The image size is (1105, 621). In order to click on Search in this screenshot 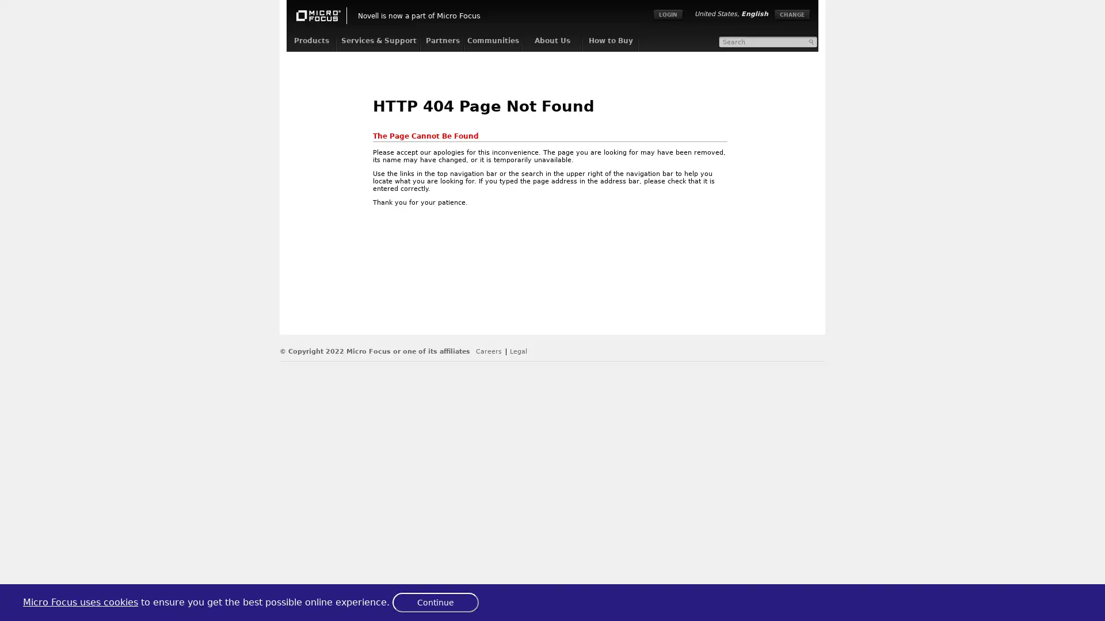, I will do `click(811, 41)`.